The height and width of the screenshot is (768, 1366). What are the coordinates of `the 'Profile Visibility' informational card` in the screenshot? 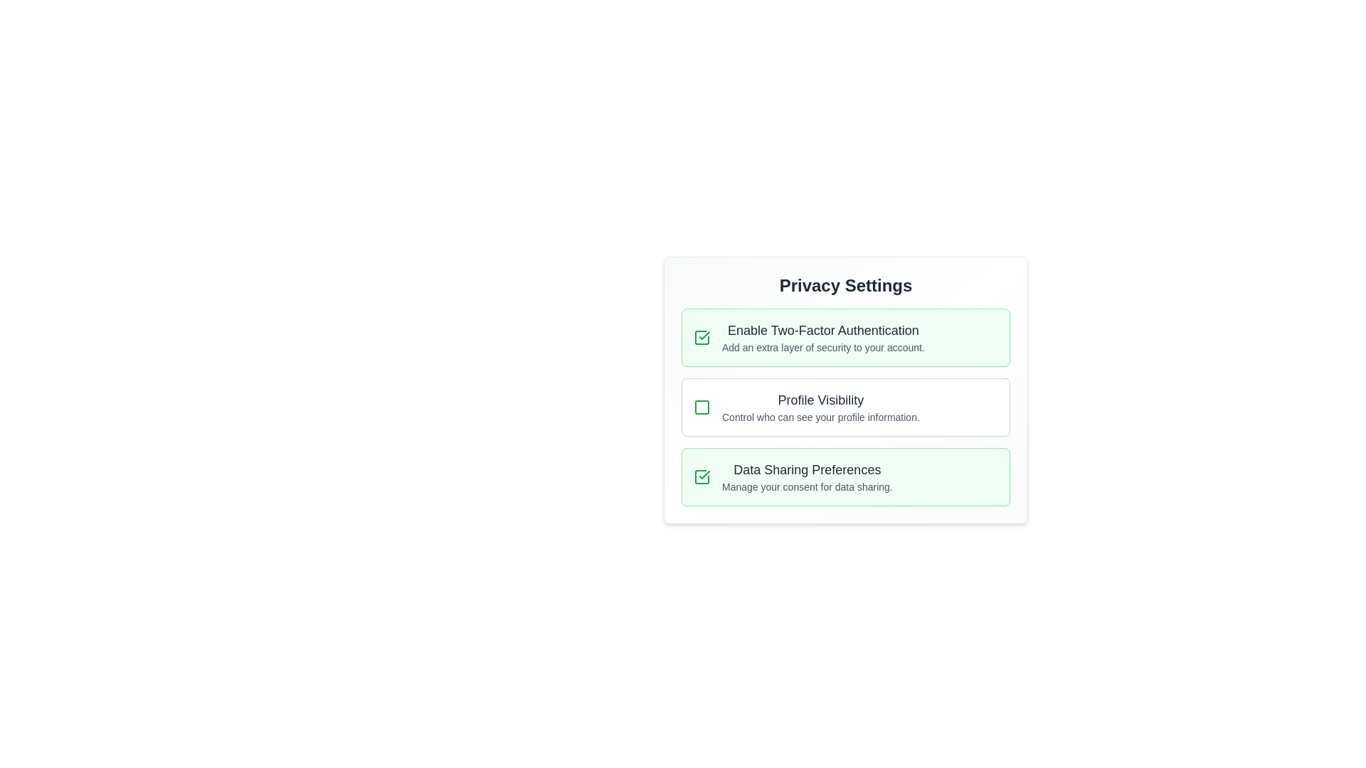 It's located at (846, 407).